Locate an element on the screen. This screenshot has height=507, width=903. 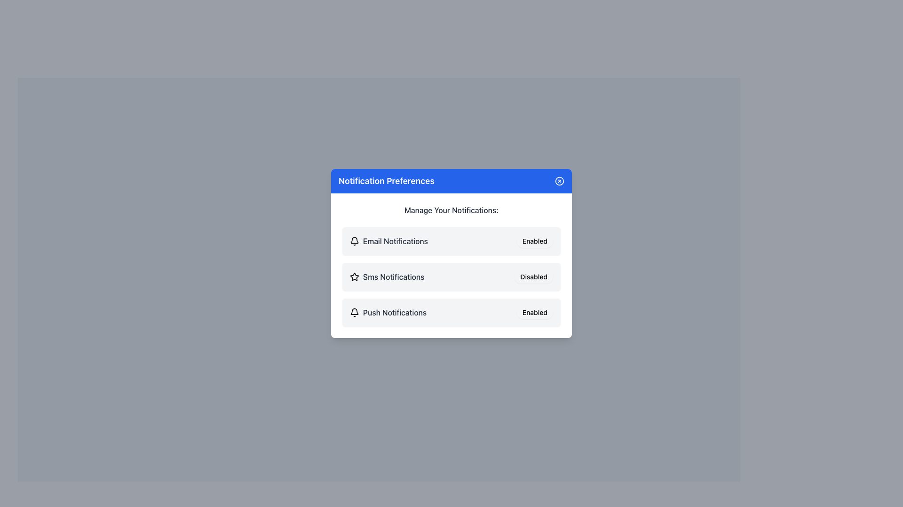
text label displaying 'Notification Preferences' which is prominently positioned in the blue header bar of the modal window is located at coordinates (386, 181).